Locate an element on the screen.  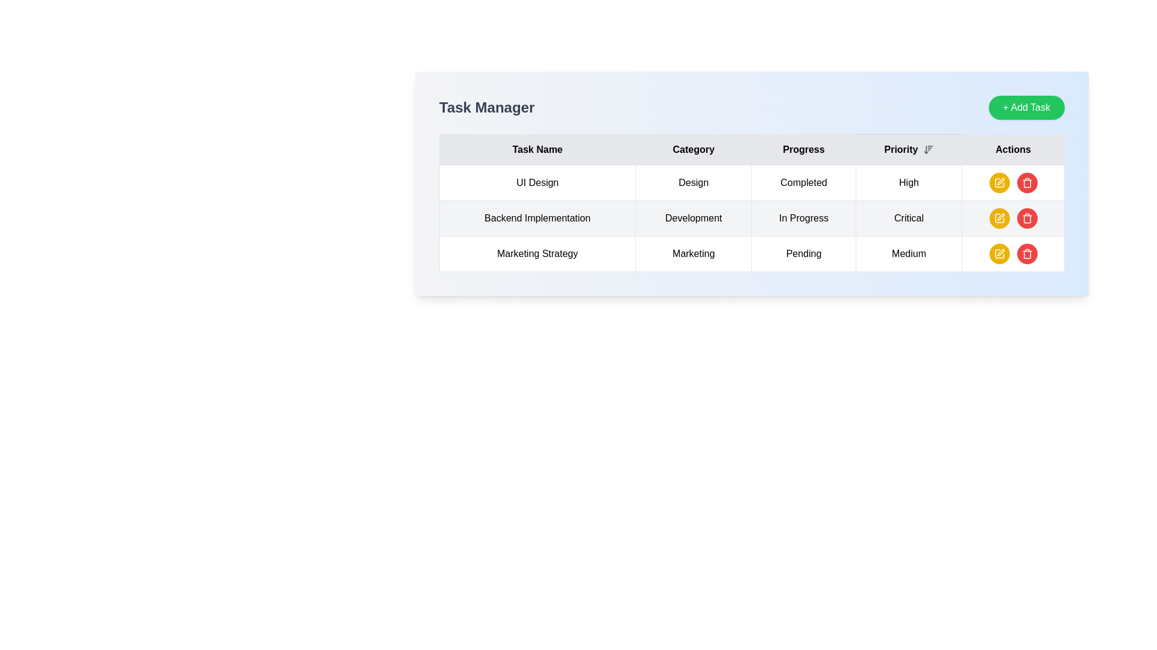
the green button labeled '+ Add Task' is located at coordinates (1026, 107).